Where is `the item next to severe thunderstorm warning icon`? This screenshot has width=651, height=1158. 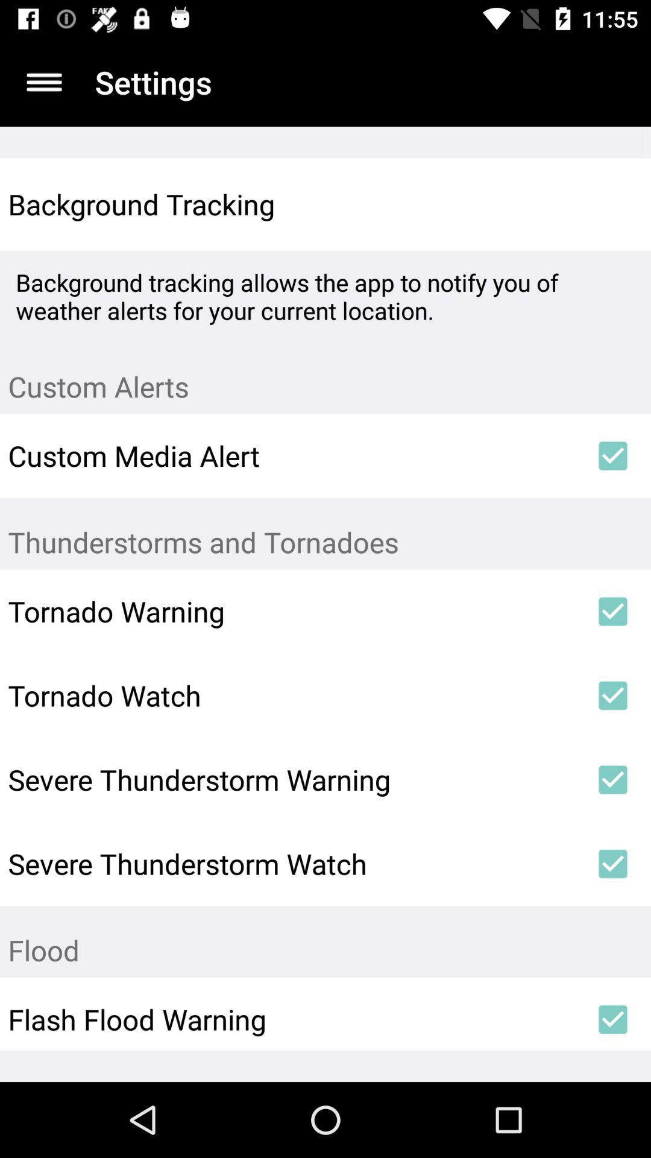 the item next to severe thunderstorm warning icon is located at coordinates (613, 779).